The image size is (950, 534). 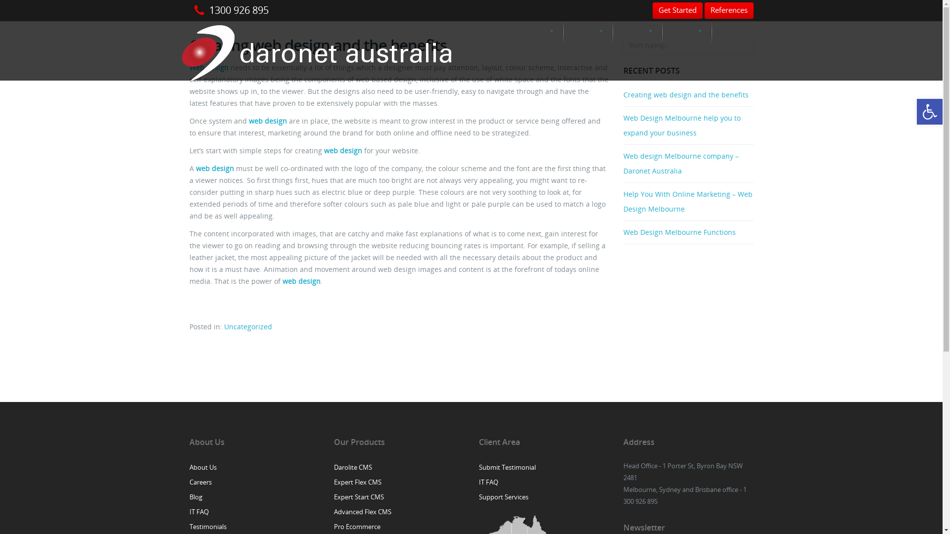 What do you see at coordinates (195, 497) in the screenshot?
I see `'Blog'` at bounding box center [195, 497].